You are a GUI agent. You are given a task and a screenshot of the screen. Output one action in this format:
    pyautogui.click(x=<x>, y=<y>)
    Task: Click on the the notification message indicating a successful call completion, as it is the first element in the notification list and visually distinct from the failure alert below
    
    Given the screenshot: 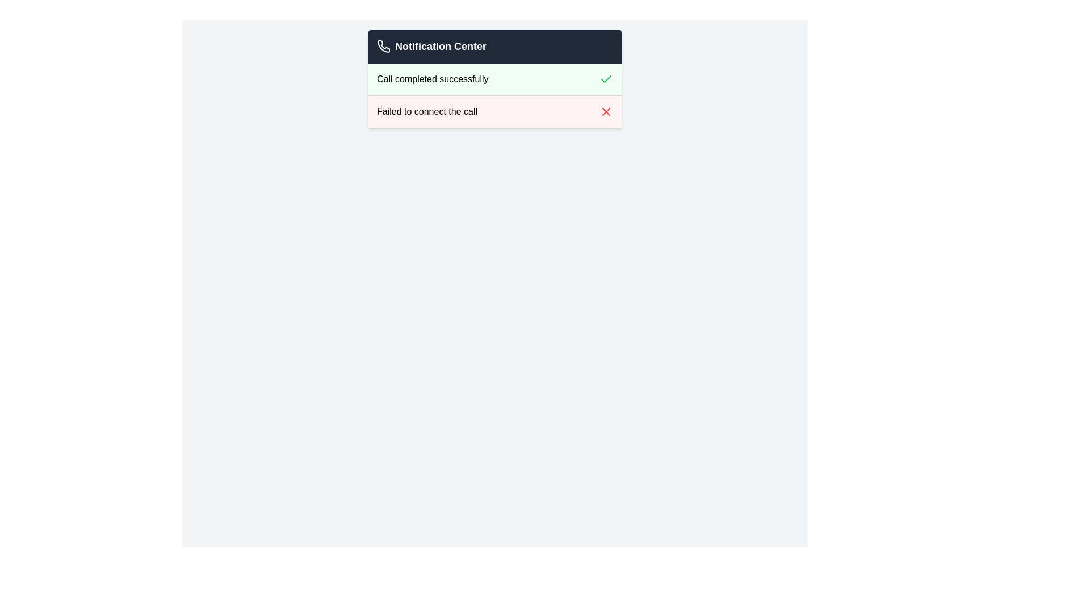 What is the action you would take?
    pyautogui.click(x=495, y=78)
    